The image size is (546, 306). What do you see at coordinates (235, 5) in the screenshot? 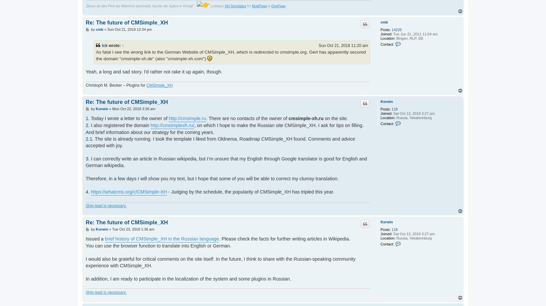
I see `'XH-Templates'` at bounding box center [235, 5].